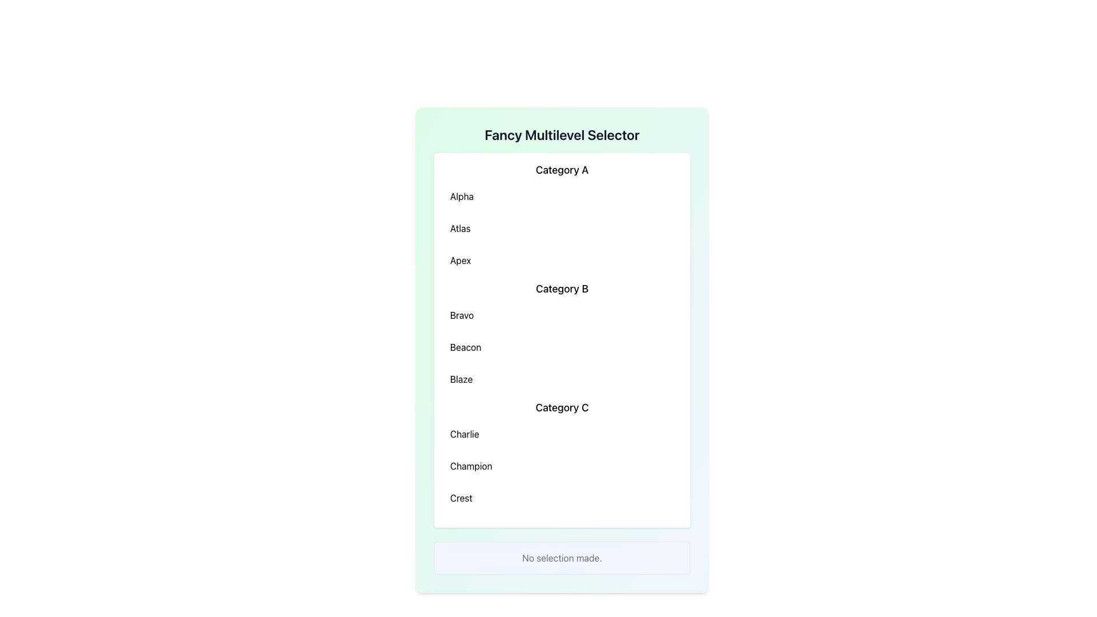 This screenshot has height=617, width=1097. I want to click on the text heading labeled 'Category A', which is styled in a larger and bold font and located at the top of its section, so click(562, 170).